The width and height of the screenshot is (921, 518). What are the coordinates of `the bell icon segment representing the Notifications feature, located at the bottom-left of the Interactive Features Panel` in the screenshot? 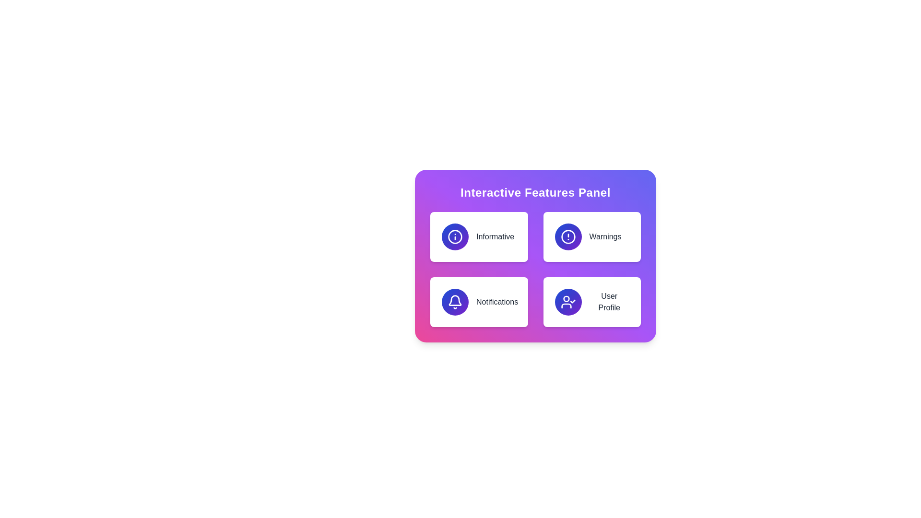 It's located at (455, 300).